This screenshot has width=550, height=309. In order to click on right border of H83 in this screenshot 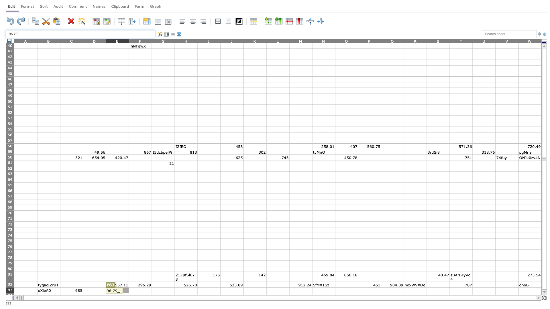, I will do `click(198, 290)`.